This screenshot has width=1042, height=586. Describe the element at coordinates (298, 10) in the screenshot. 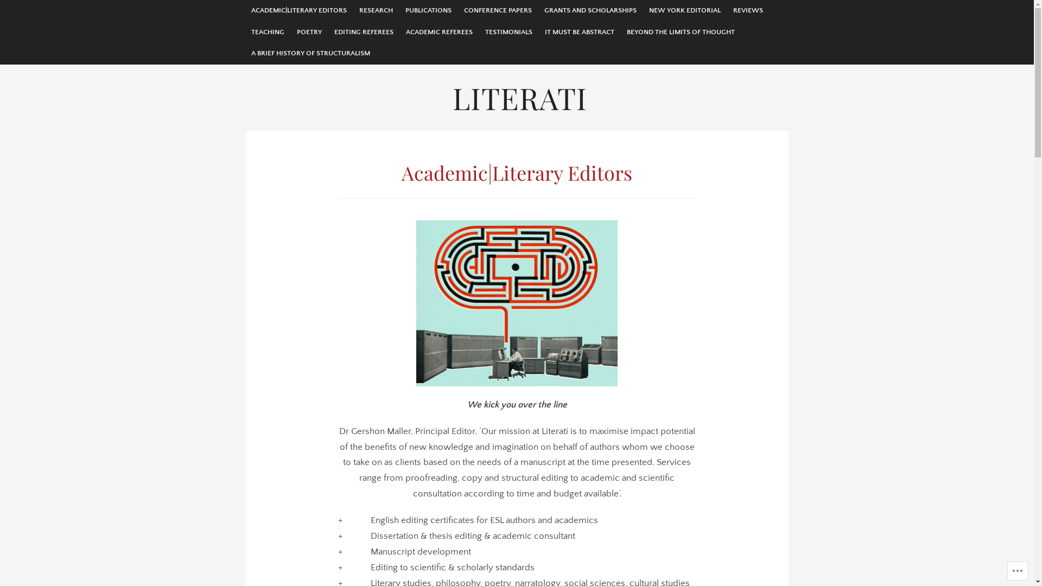

I see `'ACADEMIC|LITERARY EDITORS'` at that location.